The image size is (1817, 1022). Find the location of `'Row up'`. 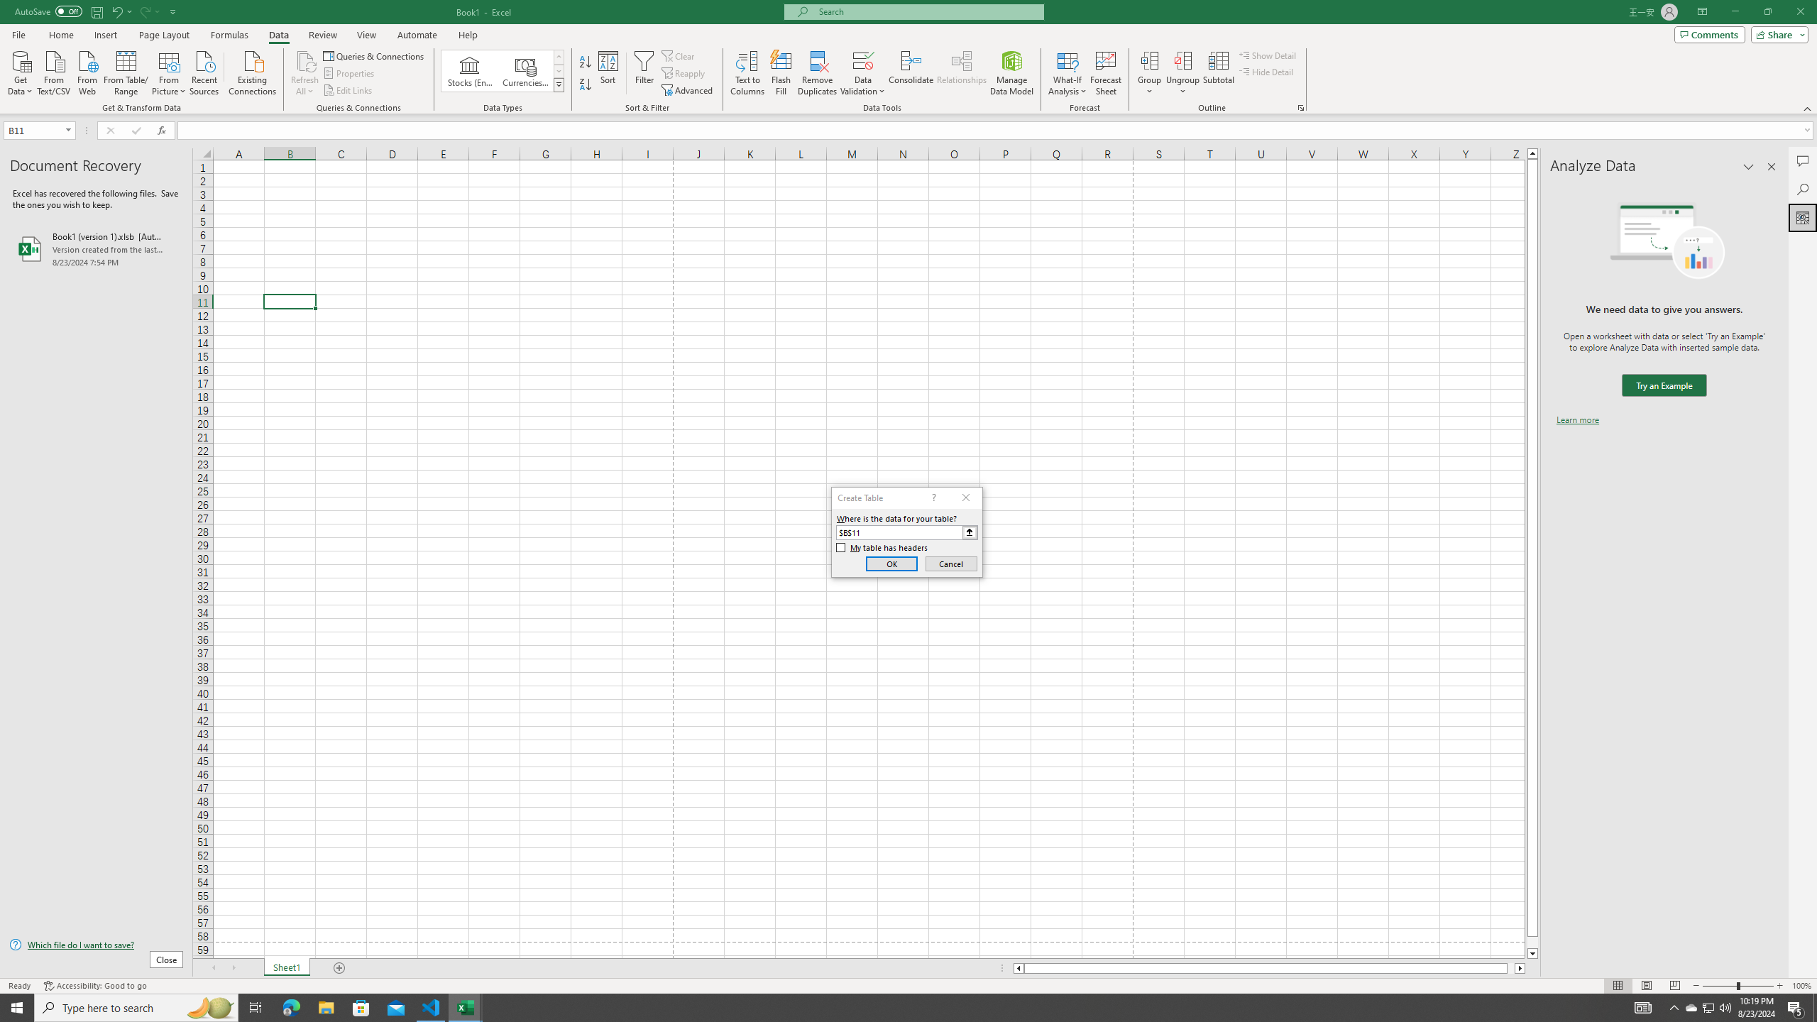

'Row up' is located at coordinates (559, 57).